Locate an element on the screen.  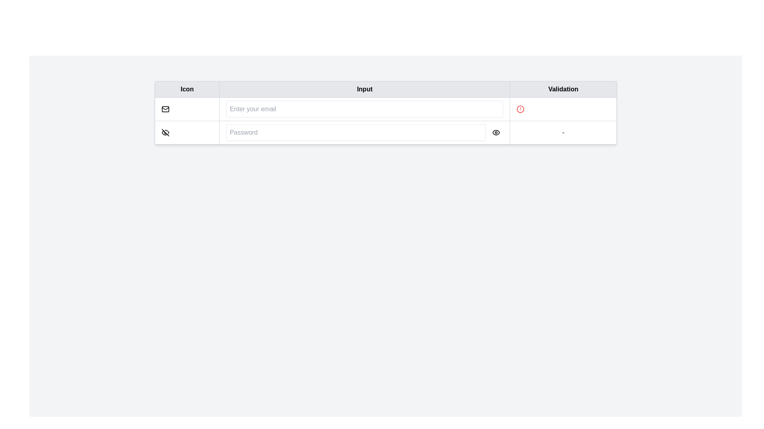
the diagonal slash icon resembling an eye with a line crossing it, located in the second row under the 'Icon' column of the table layout is located at coordinates (165, 132).